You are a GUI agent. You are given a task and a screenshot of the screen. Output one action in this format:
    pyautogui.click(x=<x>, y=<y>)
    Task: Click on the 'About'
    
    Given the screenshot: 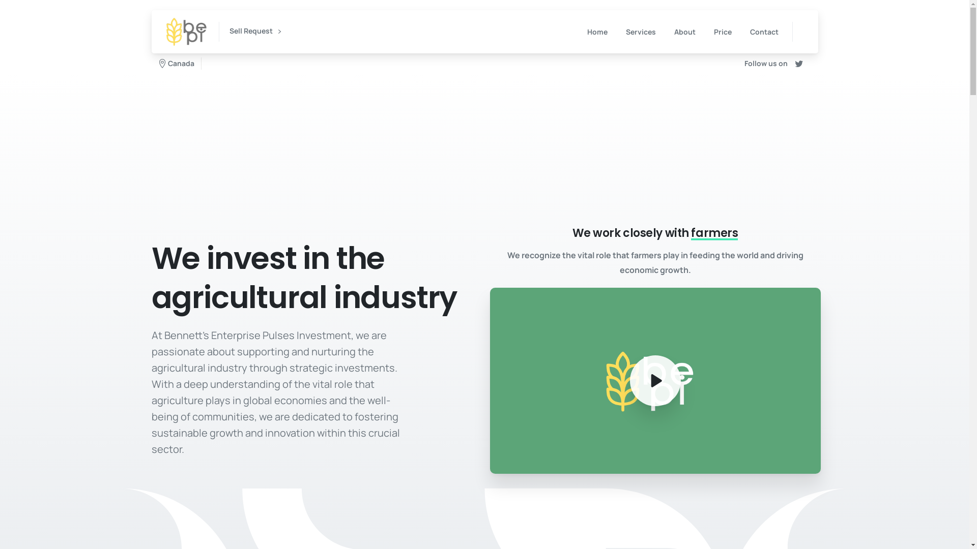 What is the action you would take?
    pyautogui.click(x=684, y=31)
    